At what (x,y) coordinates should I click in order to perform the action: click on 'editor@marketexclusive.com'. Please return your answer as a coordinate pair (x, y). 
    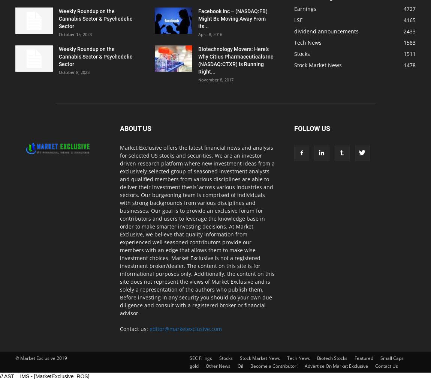
    Looking at the image, I should click on (150, 329).